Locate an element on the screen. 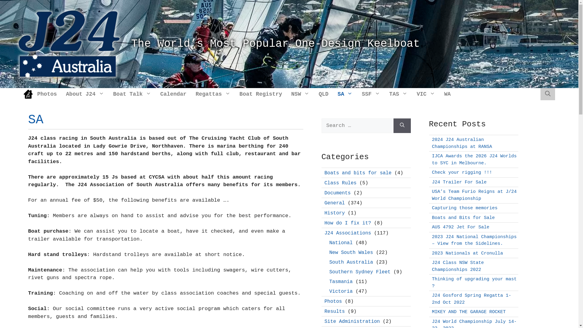  'Class Rules' is located at coordinates (340, 183).